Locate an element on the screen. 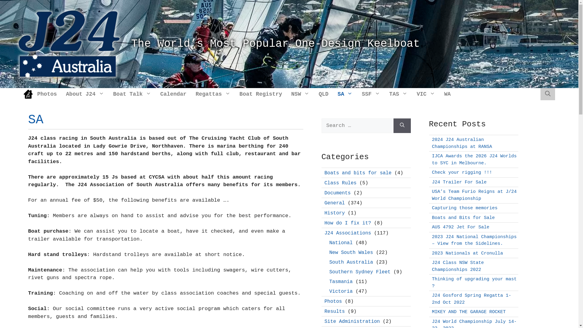  'Class Rules' is located at coordinates (340, 183).